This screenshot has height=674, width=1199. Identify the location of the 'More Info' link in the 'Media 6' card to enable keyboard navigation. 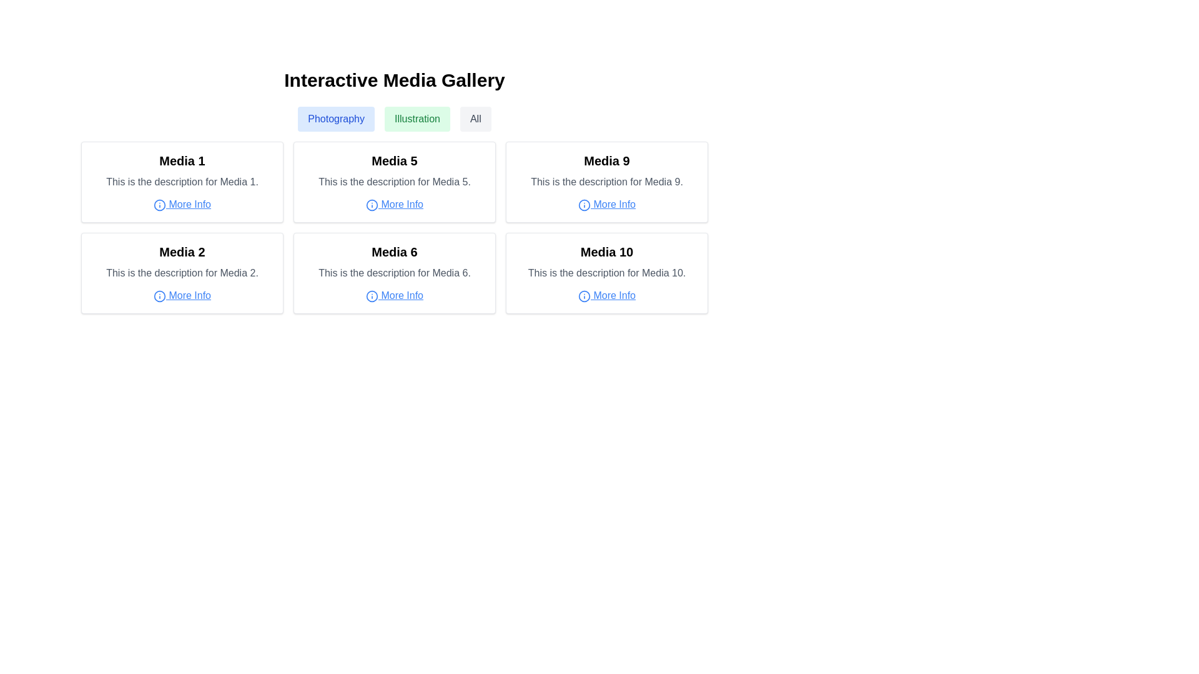
(394, 273).